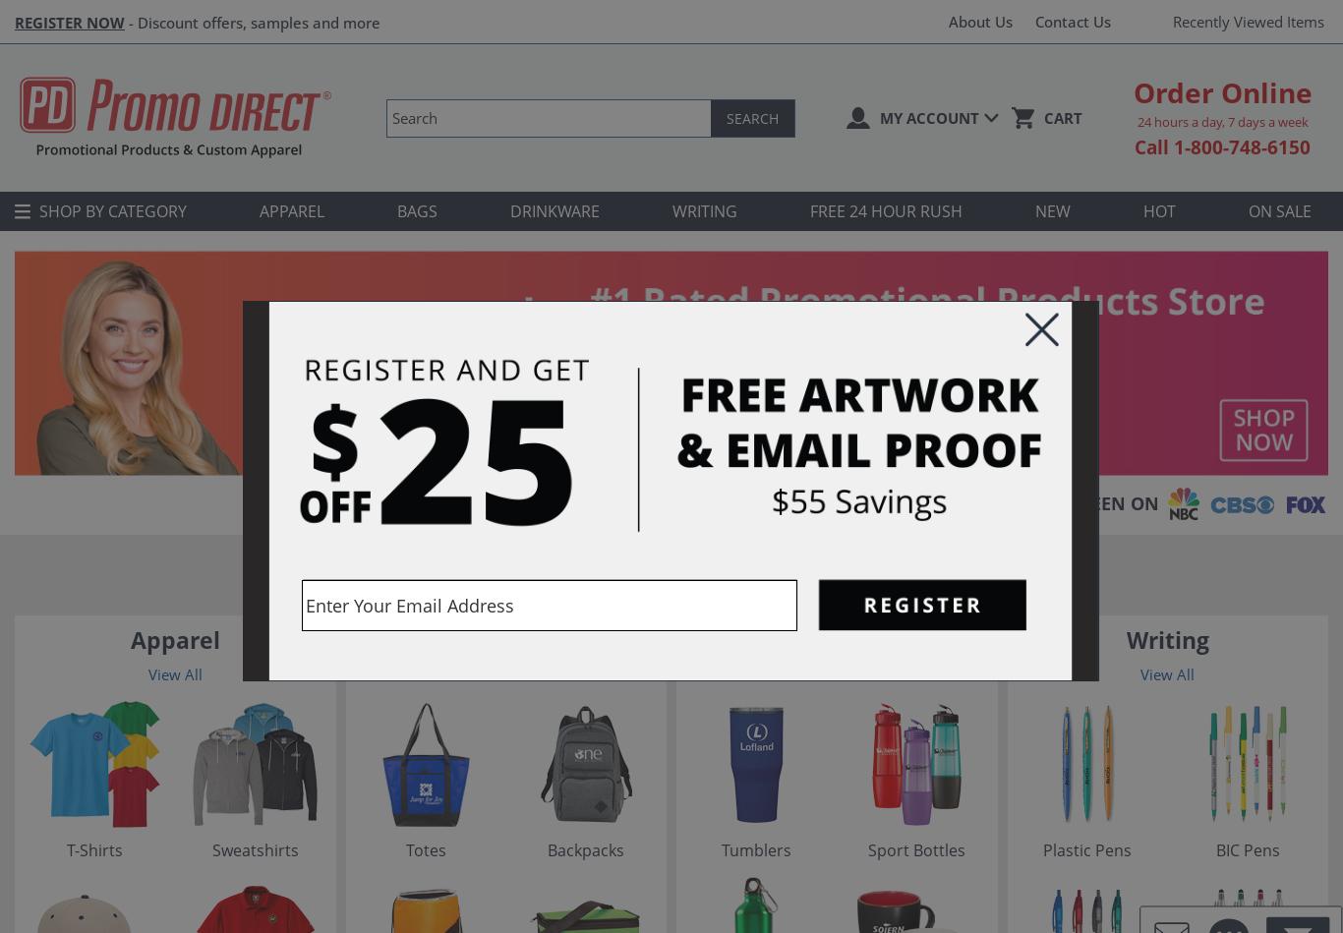 The image size is (1343, 933). I want to click on 'Apparel', so click(173, 640).